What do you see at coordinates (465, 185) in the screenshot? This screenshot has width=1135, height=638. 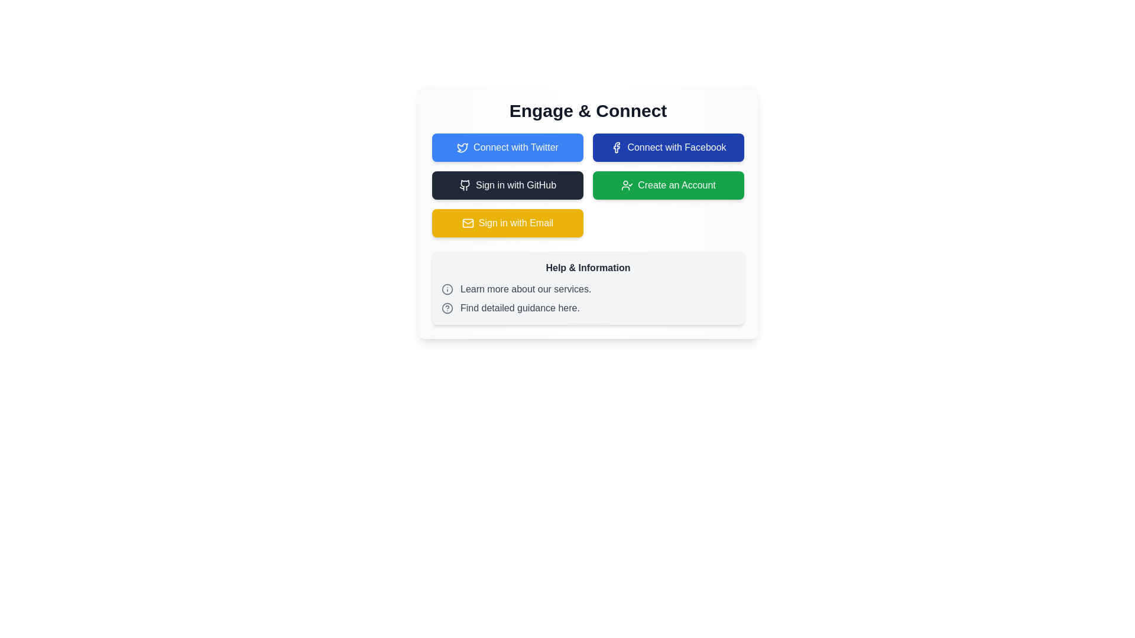 I see `the GitHub icon` at bounding box center [465, 185].